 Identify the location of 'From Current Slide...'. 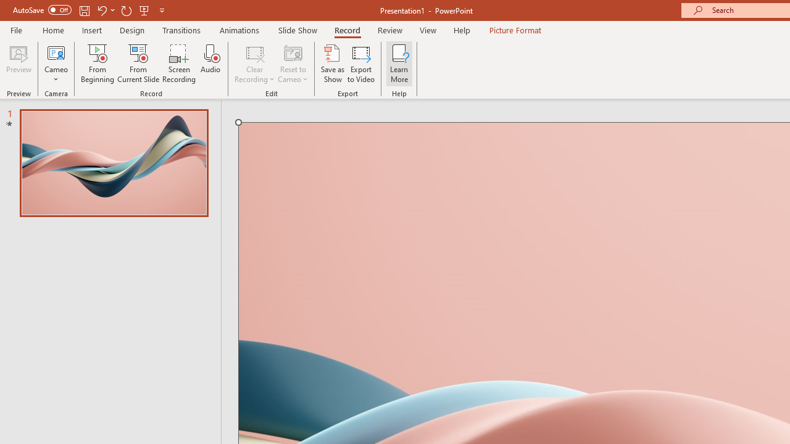
(138, 64).